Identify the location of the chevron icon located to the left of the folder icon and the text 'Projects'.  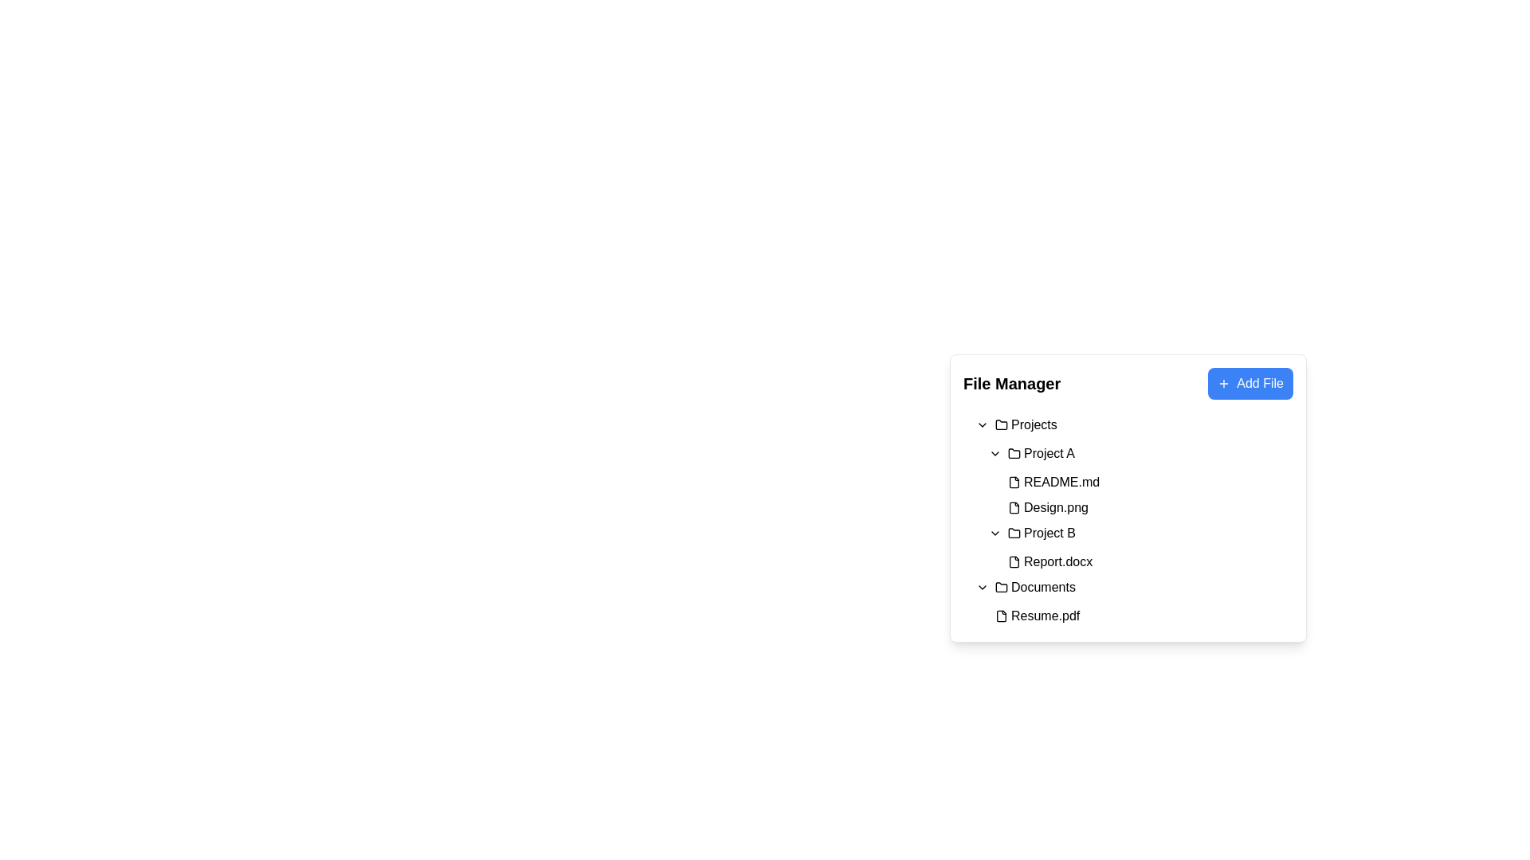
(982, 424).